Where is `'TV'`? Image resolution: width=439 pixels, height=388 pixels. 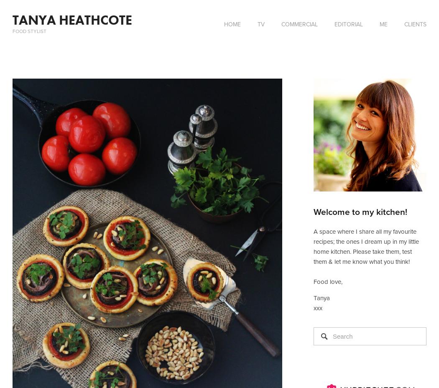 'TV' is located at coordinates (261, 24).